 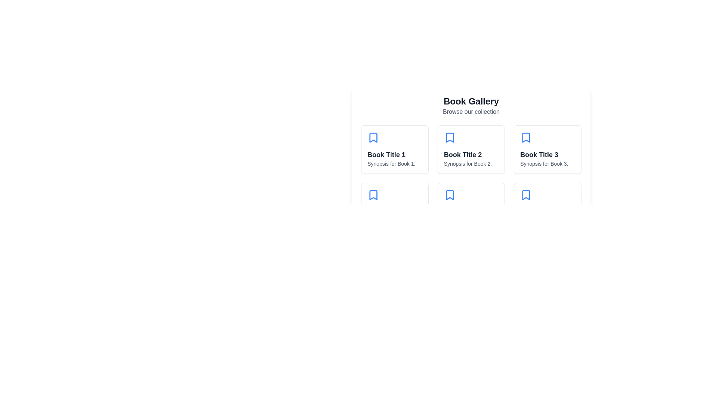 I want to click on the blue bookmark icon located in the upper-left corner of the box containing 'Book Title 4' and 'Synopsis for Book 4.', so click(x=373, y=195).